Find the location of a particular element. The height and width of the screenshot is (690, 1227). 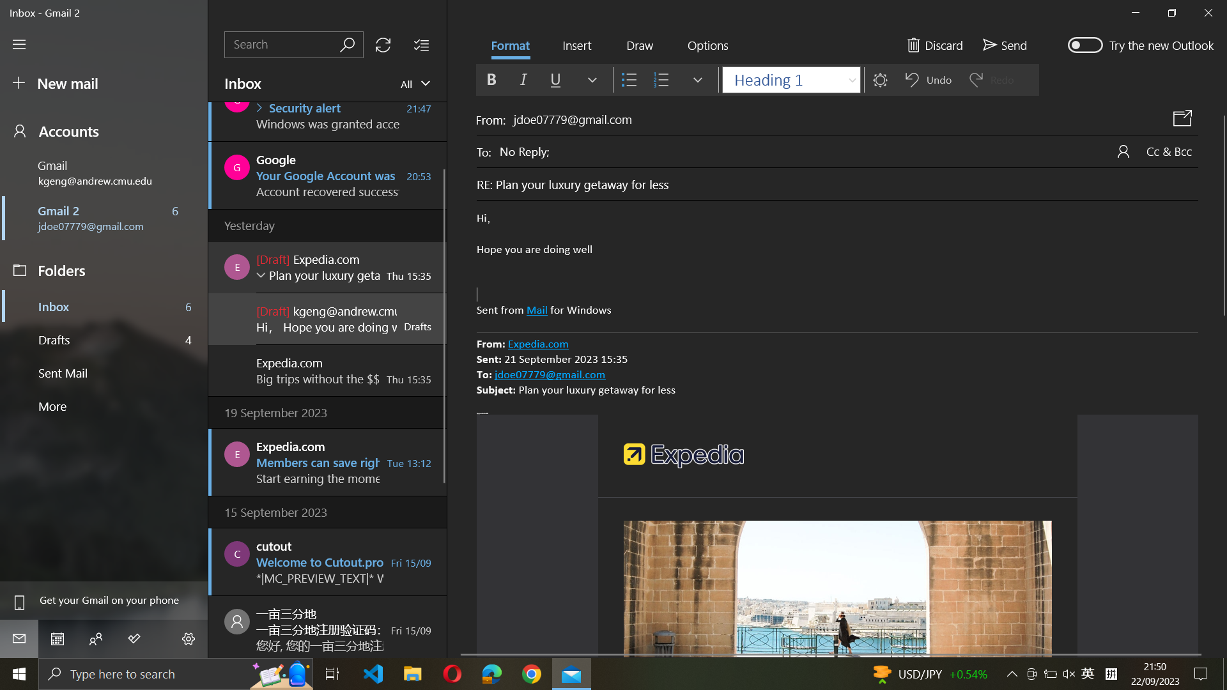

Change account to kgeng@andrew.cmu.edu is located at coordinates (106, 171).